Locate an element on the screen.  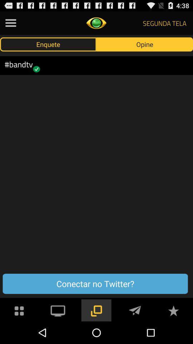
send message is located at coordinates (135, 310).